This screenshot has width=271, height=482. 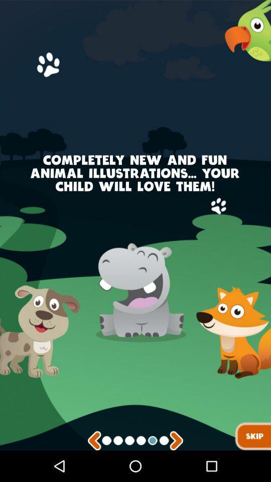 I want to click on the av_rewind icon, so click(x=94, y=471).